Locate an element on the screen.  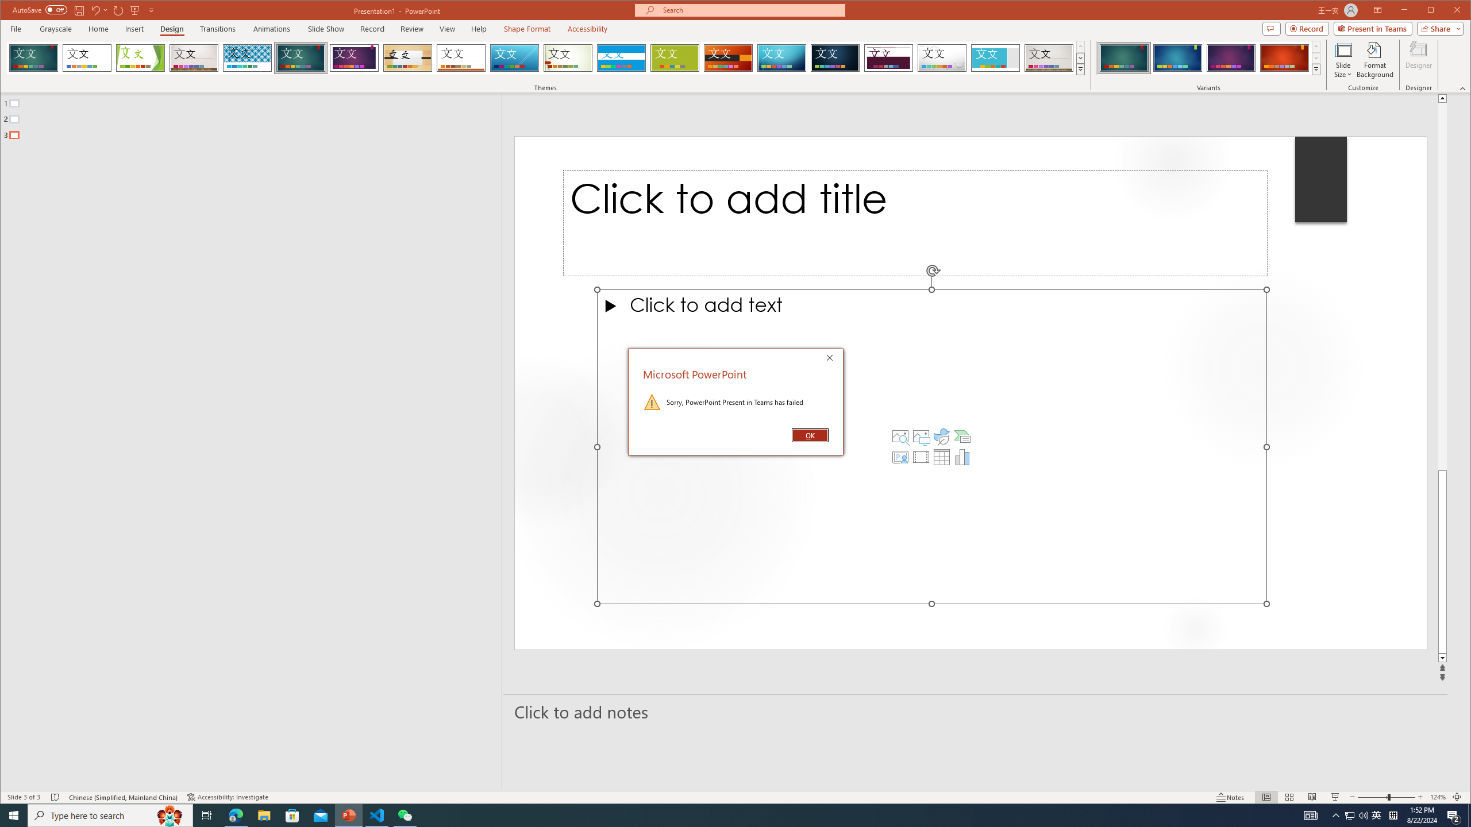
'WeChat - 1 running window' is located at coordinates (405, 814).